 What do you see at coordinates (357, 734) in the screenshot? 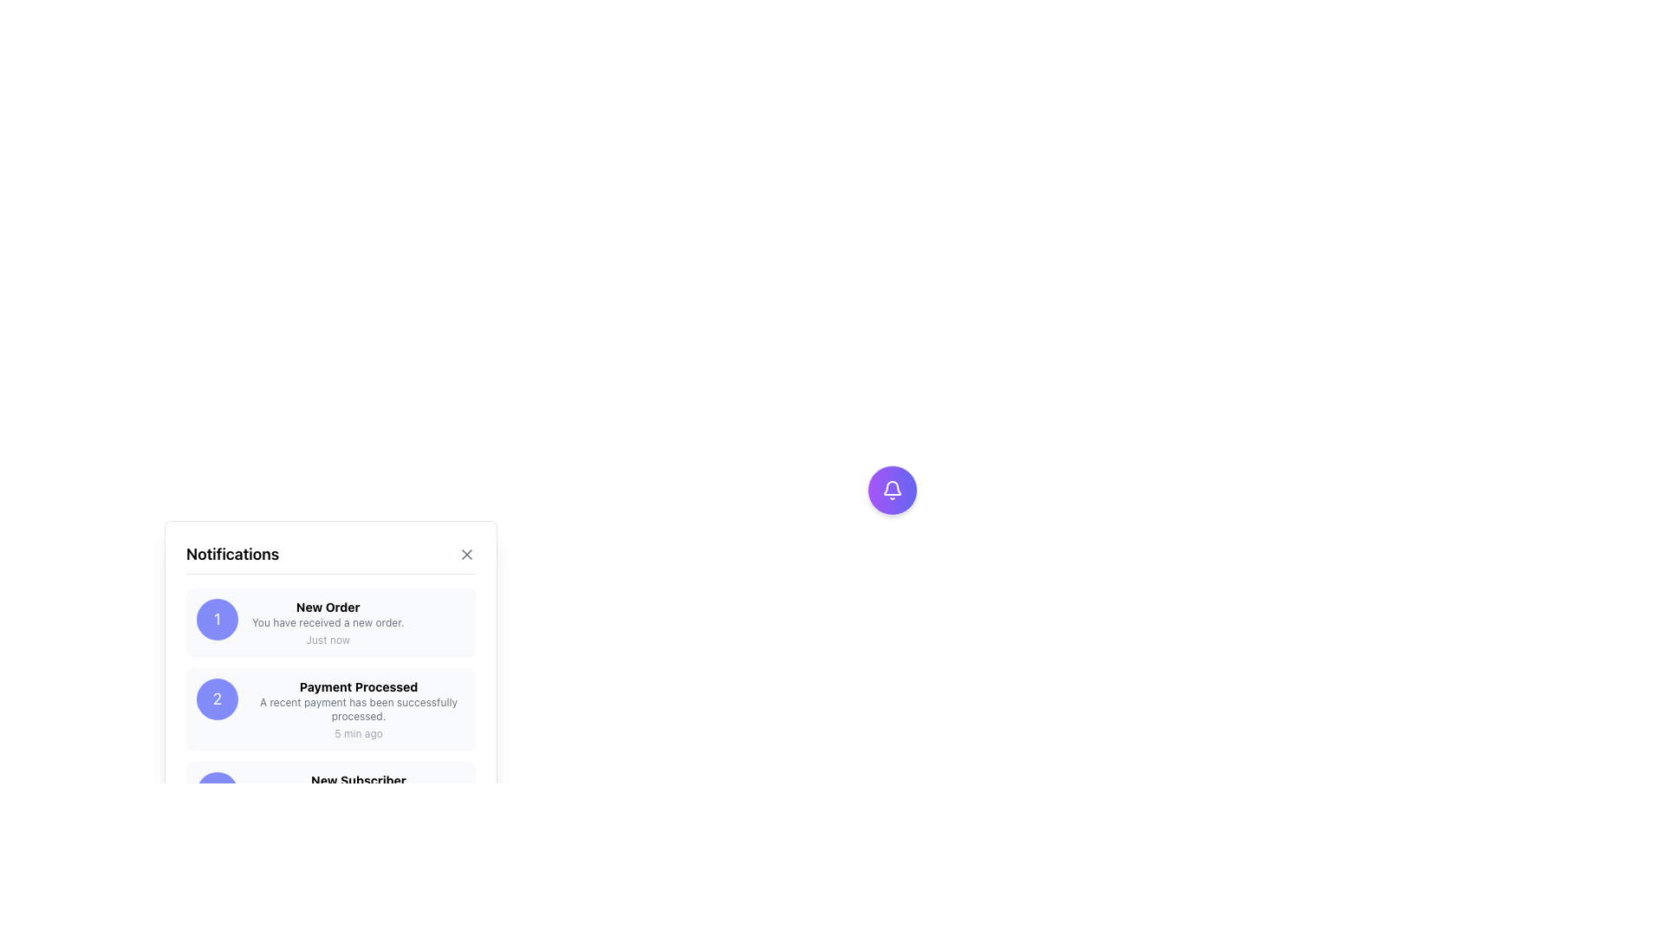
I see `the text label displaying '5 min ago' within the notification card titled 'Payment Processed'` at bounding box center [357, 734].